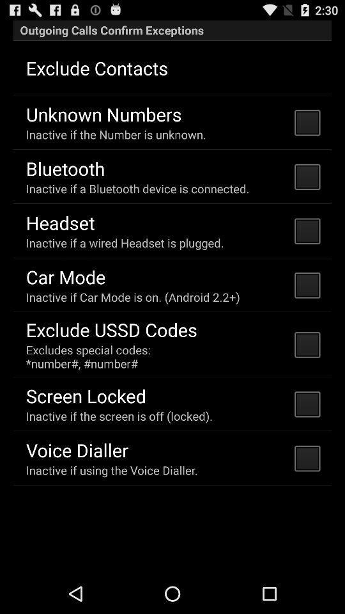  I want to click on check box which is next to headset, so click(306, 230).